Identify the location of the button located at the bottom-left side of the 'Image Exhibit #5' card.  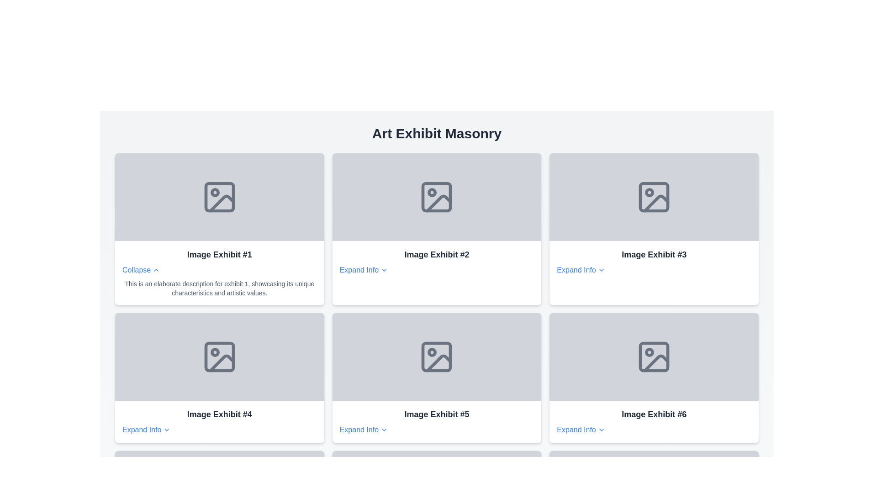
(363, 430).